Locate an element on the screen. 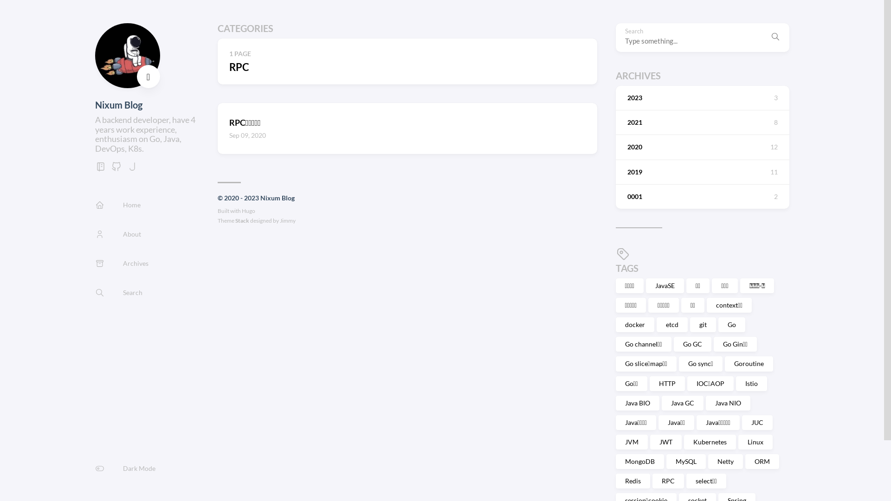  'Goroutine' is located at coordinates (749, 363).